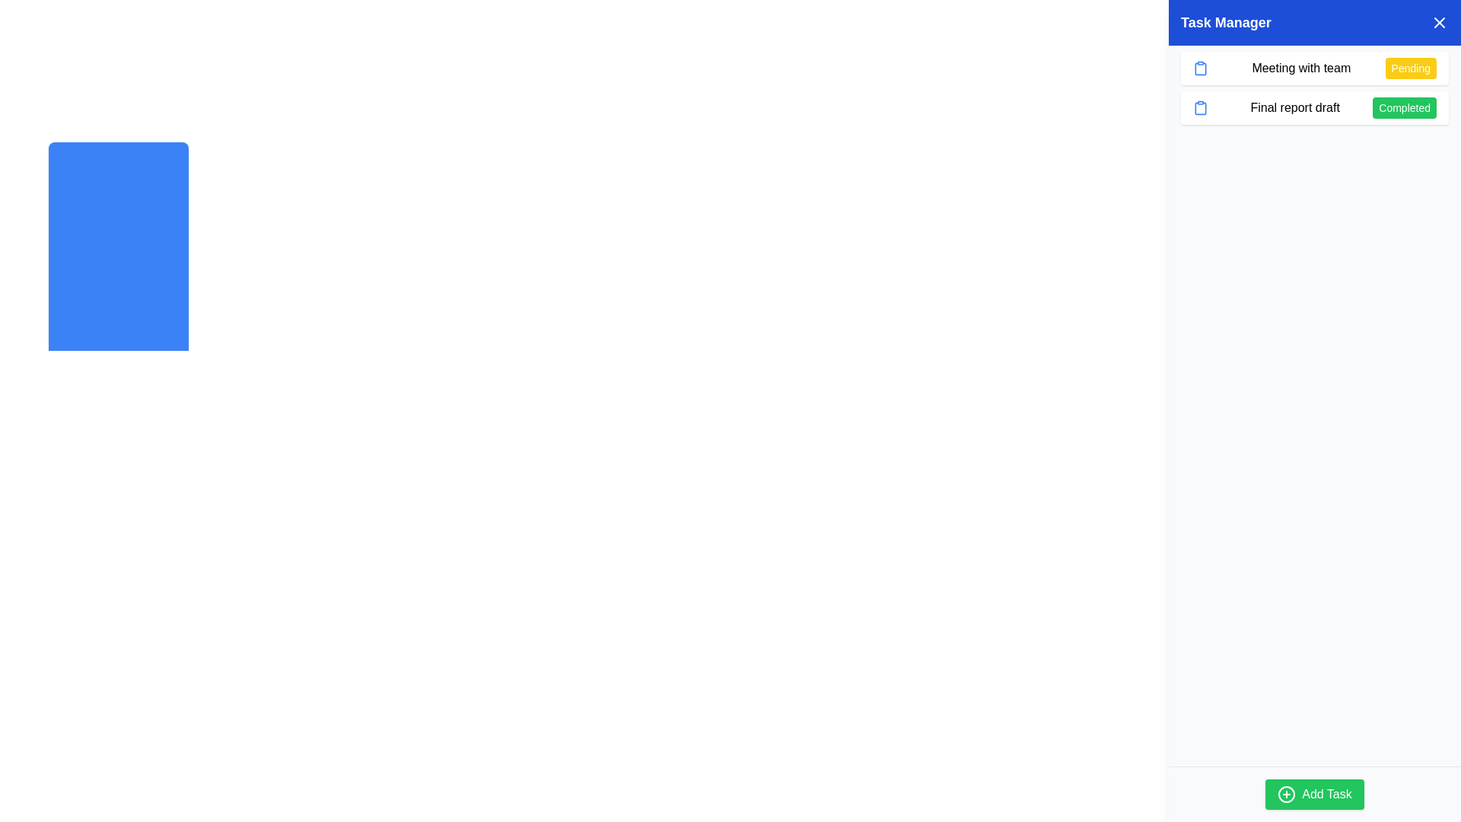  What do you see at coordinates (1226, 23) in the screenshot?
I see `the task management title label located at the upper left of the header bar` at bounding box center [1226, 23].